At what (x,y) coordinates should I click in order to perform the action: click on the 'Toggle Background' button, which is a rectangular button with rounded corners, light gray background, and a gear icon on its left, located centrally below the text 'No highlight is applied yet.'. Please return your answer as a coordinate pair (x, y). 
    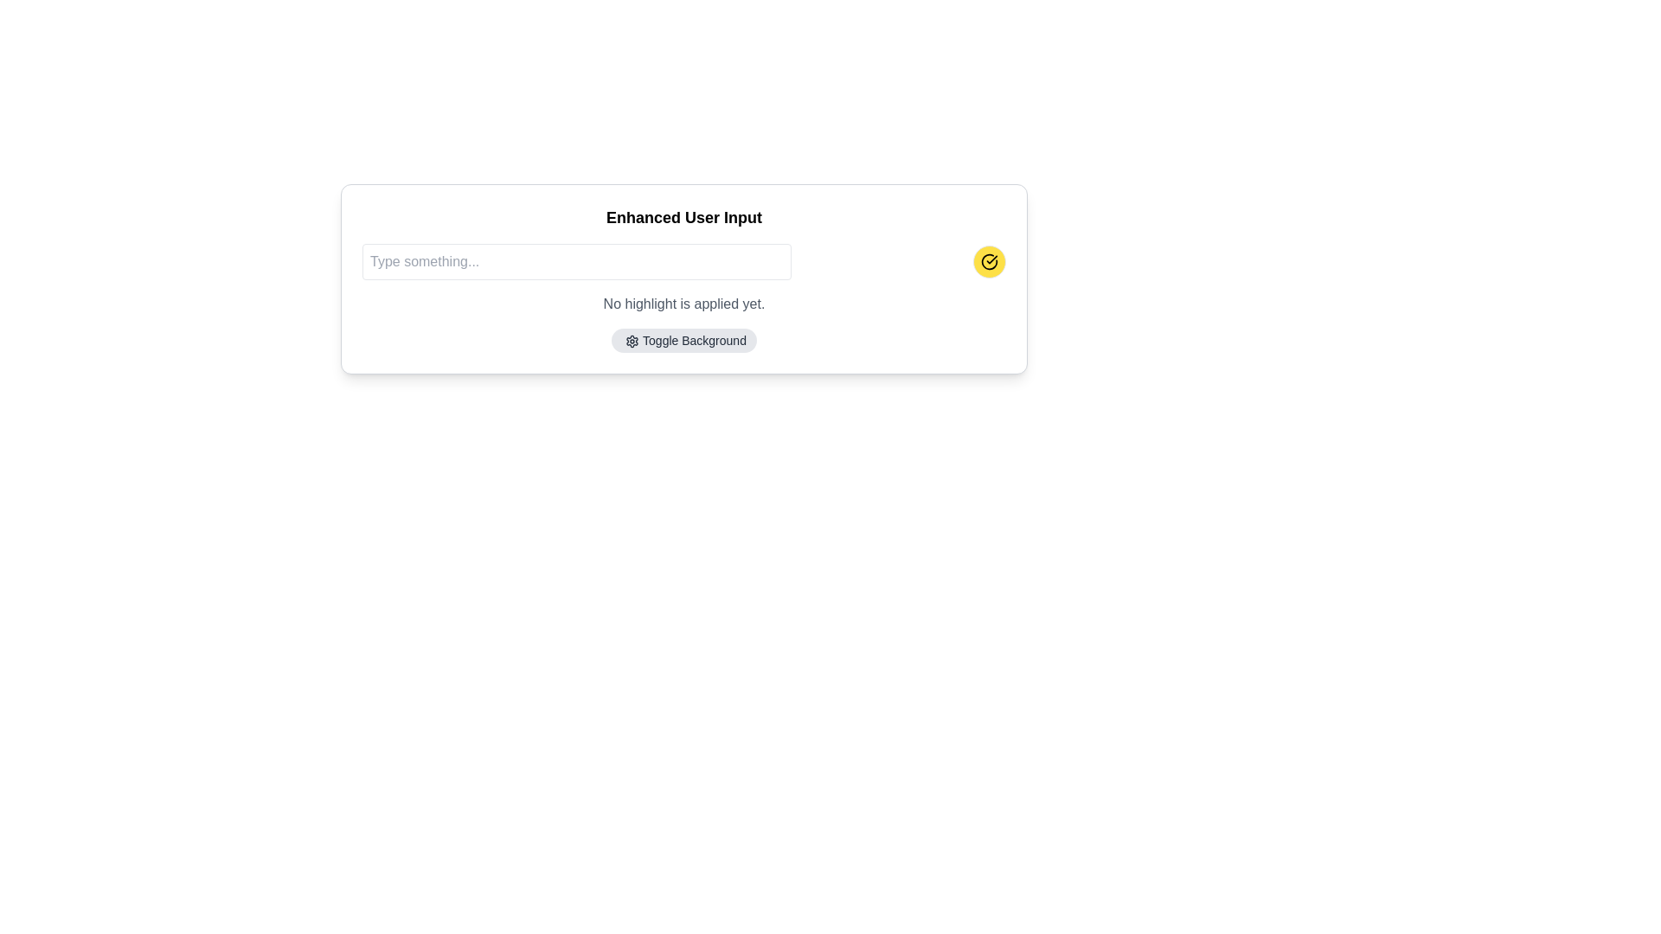
    Looking at the image, I should click on (683, 340).